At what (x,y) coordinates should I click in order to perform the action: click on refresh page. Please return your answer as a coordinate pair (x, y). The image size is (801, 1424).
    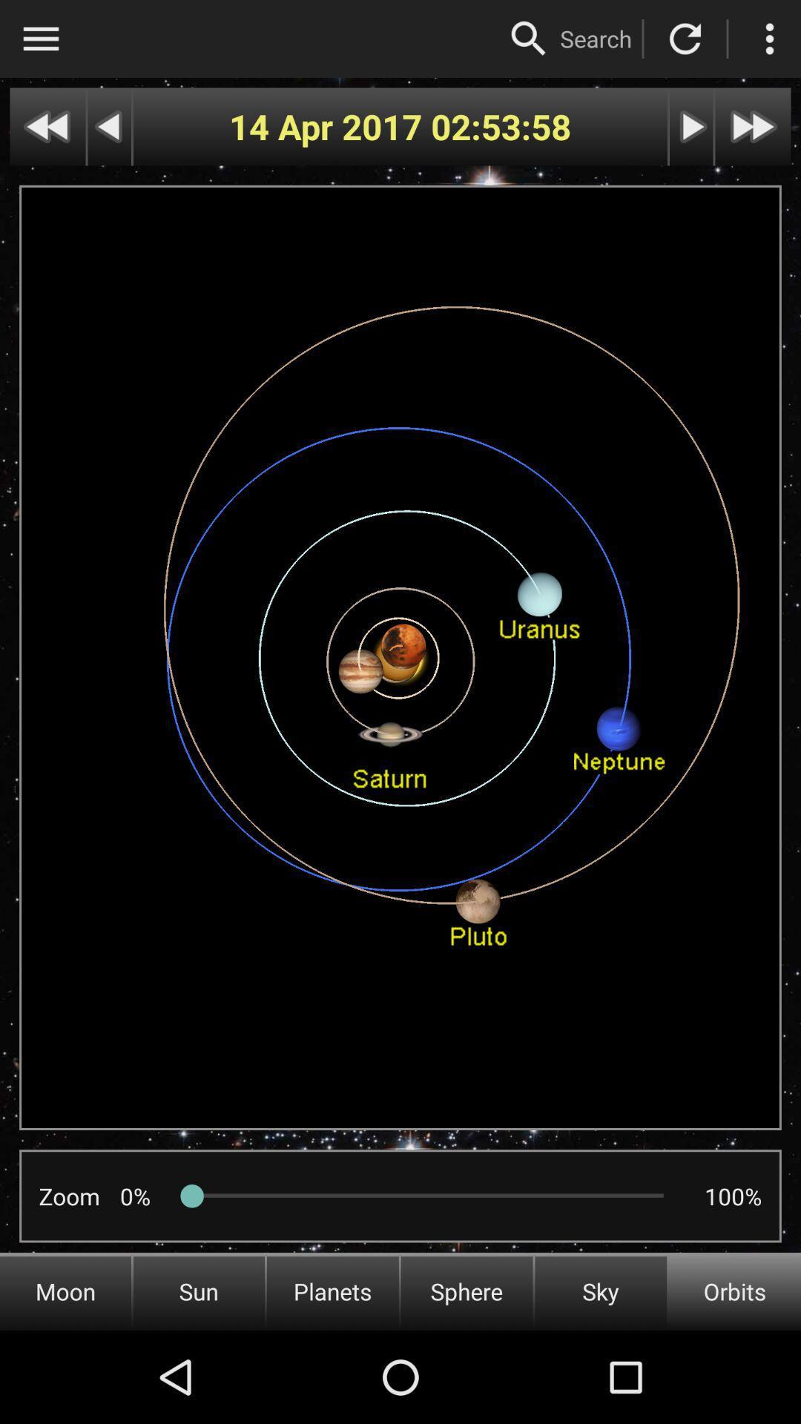
    Looking at the image, I should click on (685, 39).